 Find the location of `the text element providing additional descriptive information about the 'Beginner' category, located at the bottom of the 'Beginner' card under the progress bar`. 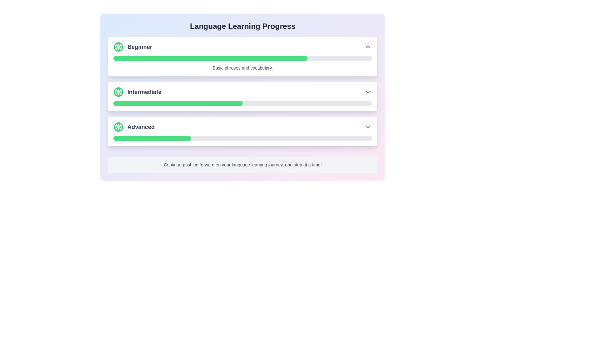

the text element providing additional descriptive information about the 'Beginner' category, located at the bottom of the 'Beginner' card under the progress bar is located at coordinates (242, 68).